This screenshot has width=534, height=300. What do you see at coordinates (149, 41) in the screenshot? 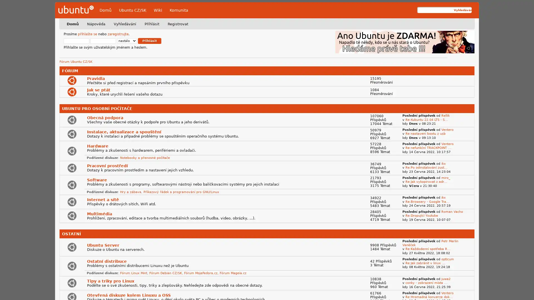
I see `Prihlasit` at bounding box center [149, 41].